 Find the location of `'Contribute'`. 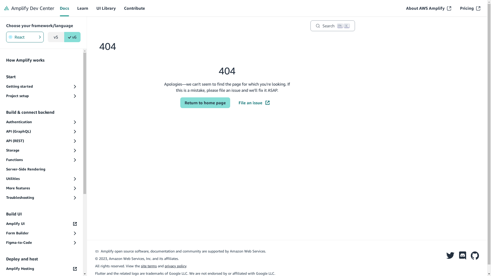

'Contribute' is located at coordinates (121, 8).